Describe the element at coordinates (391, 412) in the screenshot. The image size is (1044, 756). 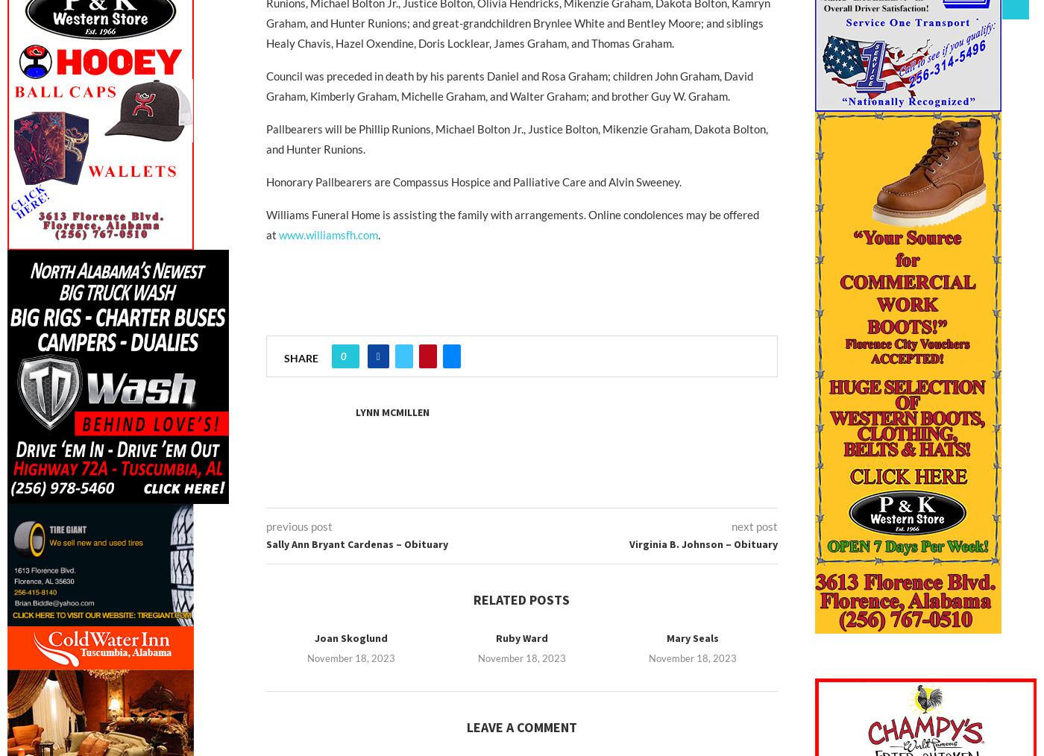
I see `'Lynn McMillen'` at that location.